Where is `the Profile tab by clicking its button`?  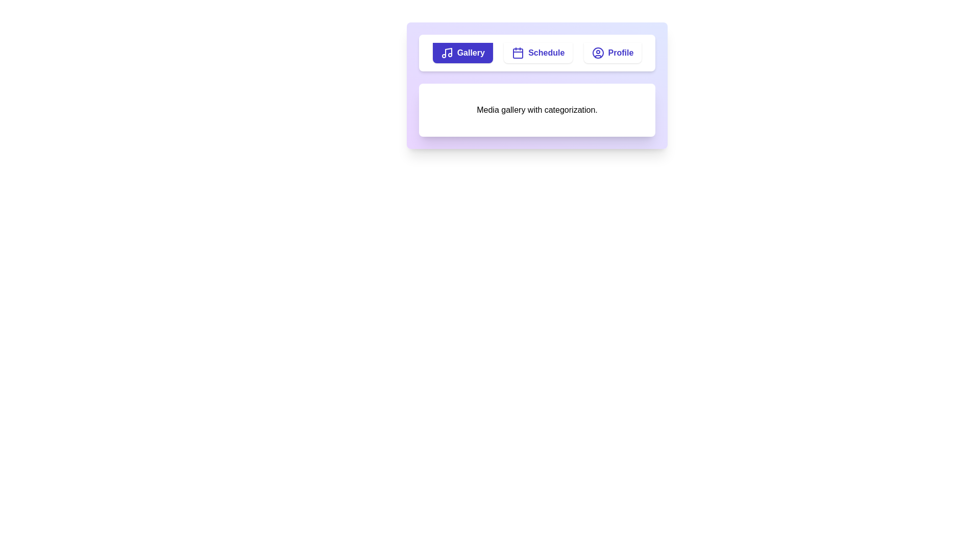 the Profile tab by clicking its button is located at coordinates (612, 53).